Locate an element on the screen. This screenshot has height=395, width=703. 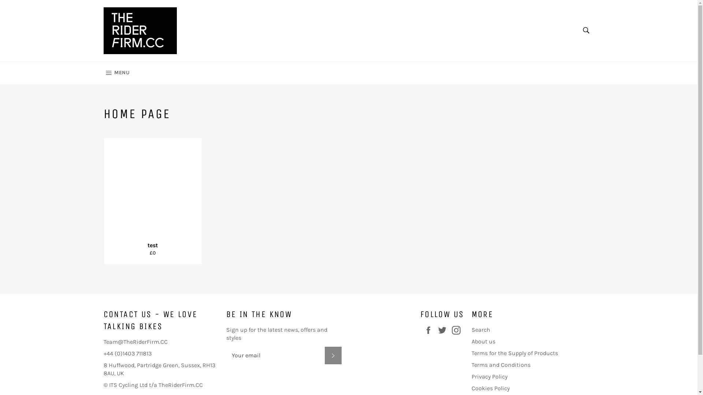
'Terms and Conditions' is located at coordinates (501, 365).